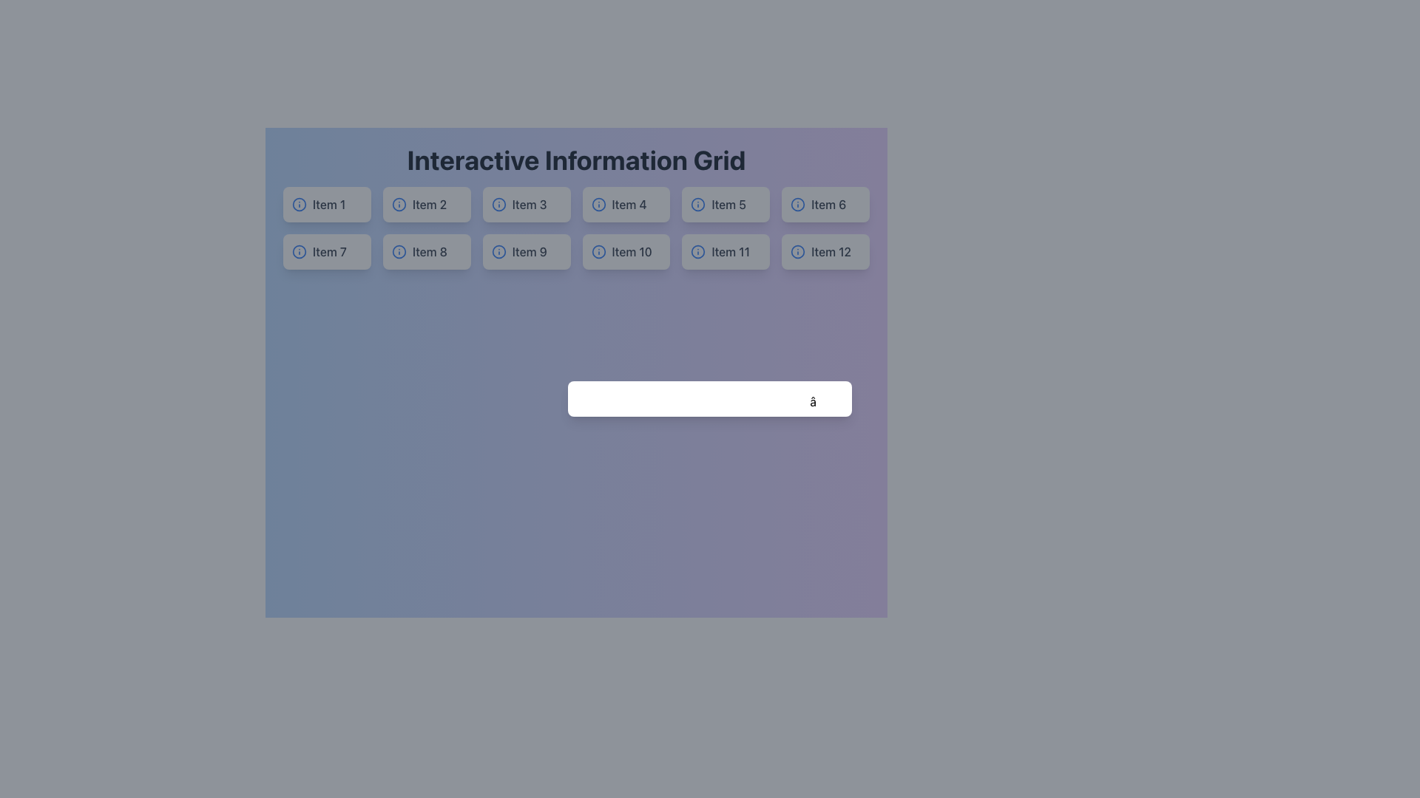 This screenshot has width=1420, height=798. What do you see at coordinates (527, 250) in the screenshot?
I see `the informational button of the list item labeled 'Item 9'` at bounding box center [527, 250].